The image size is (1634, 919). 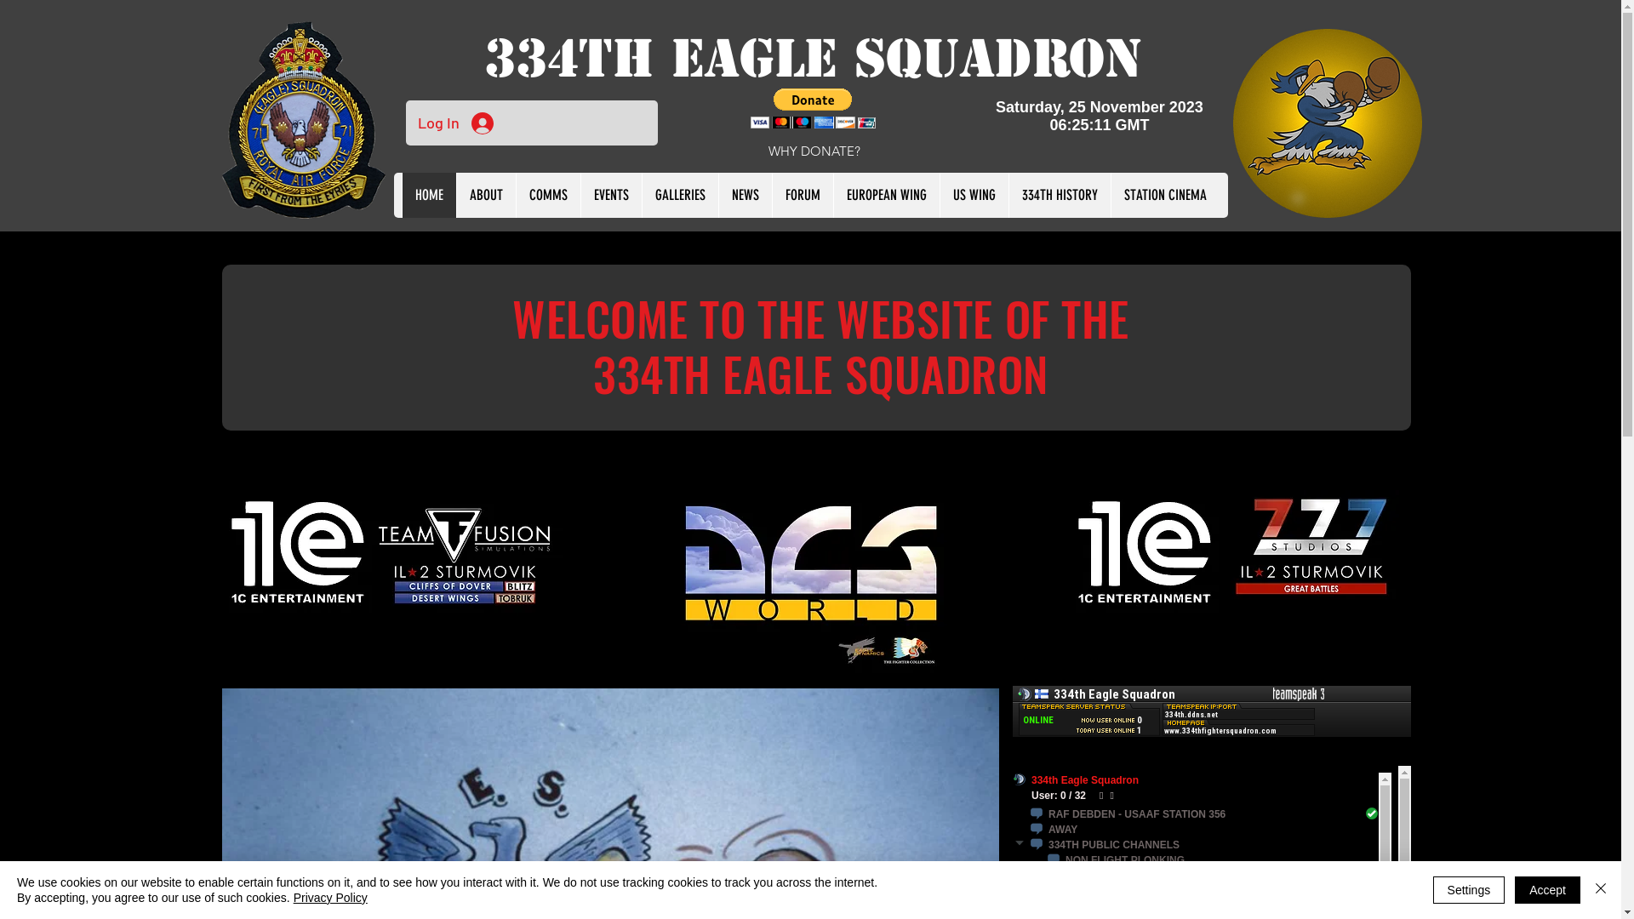 I want to click on 'HOME', so click(x=429, y=194).